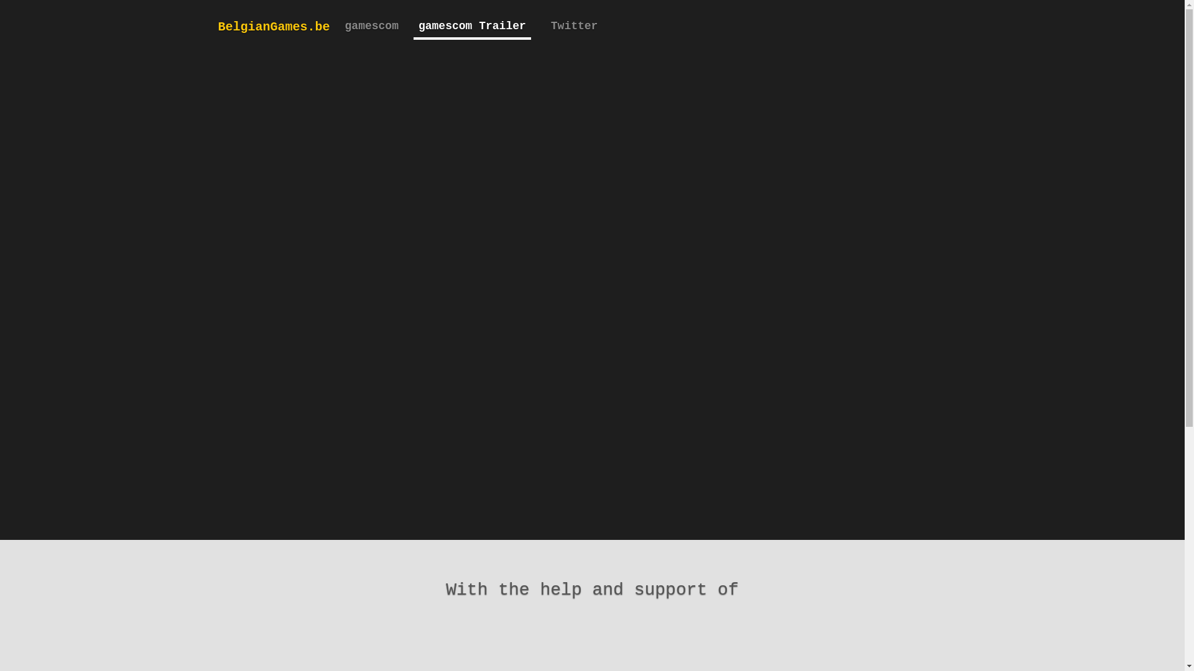  Describe the element at coordinates (273, 27) in the screenshot. I see `'BelgianGames.be'` at that location.